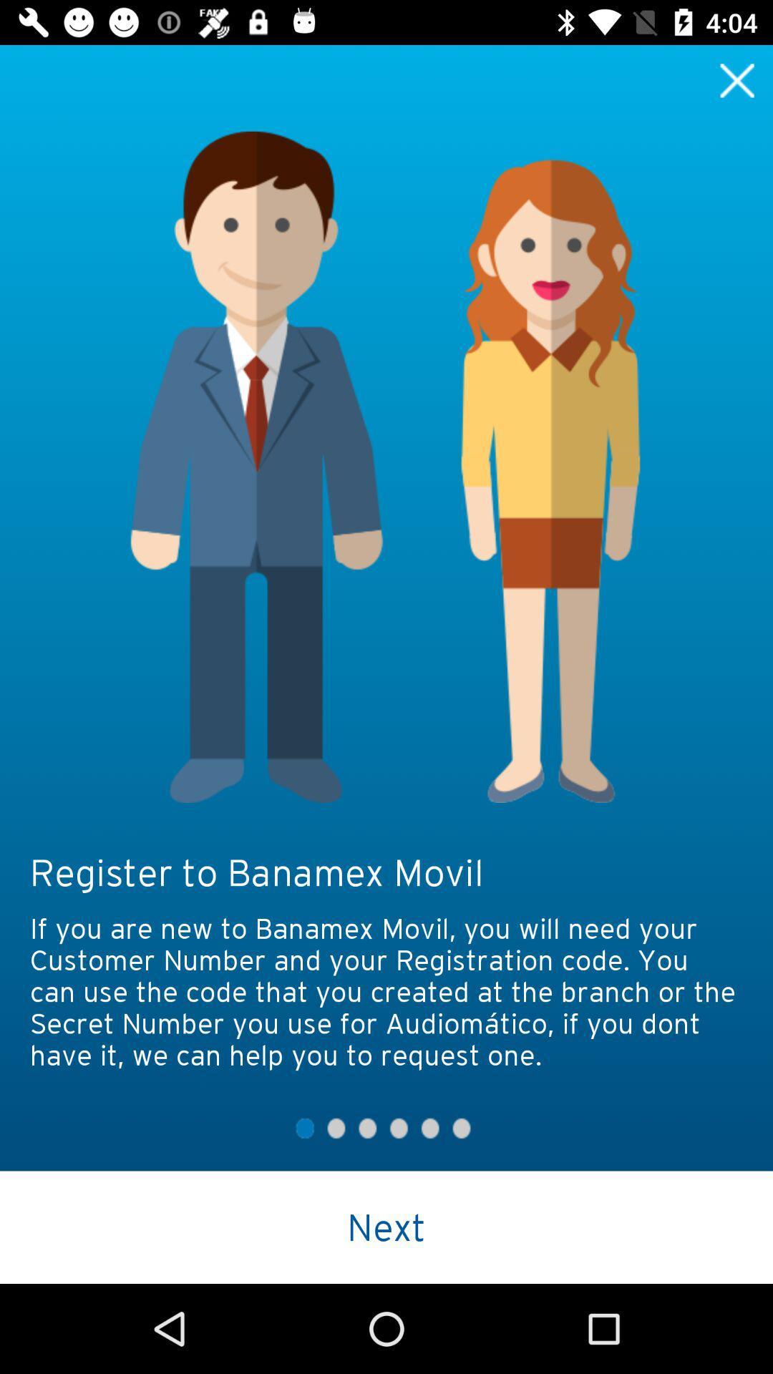  What do you see at coordinates (737, 79) in the screenshot?
I see `exit the window` at bounding box center [737, 79].